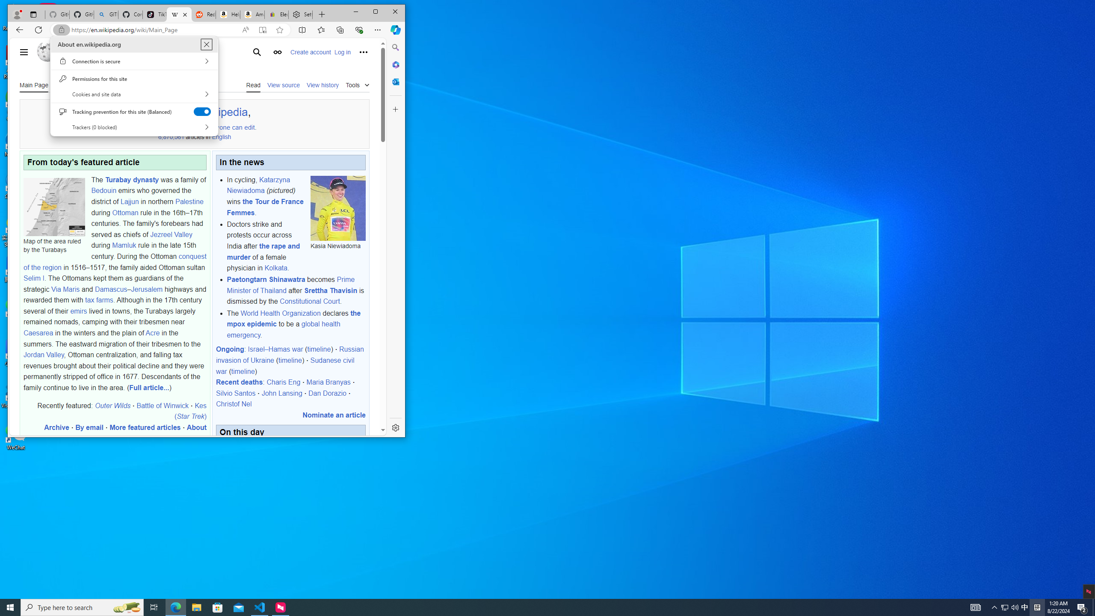 This screenshot has height=616, width=1095. I want to click on 'Kes (Star Trek)', so click(190, 411).